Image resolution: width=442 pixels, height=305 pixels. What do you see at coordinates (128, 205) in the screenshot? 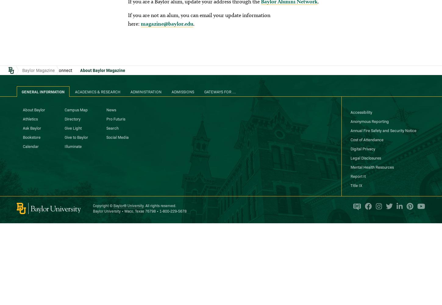
I see `'Baylor® University'` at bounding box center [128, 205].